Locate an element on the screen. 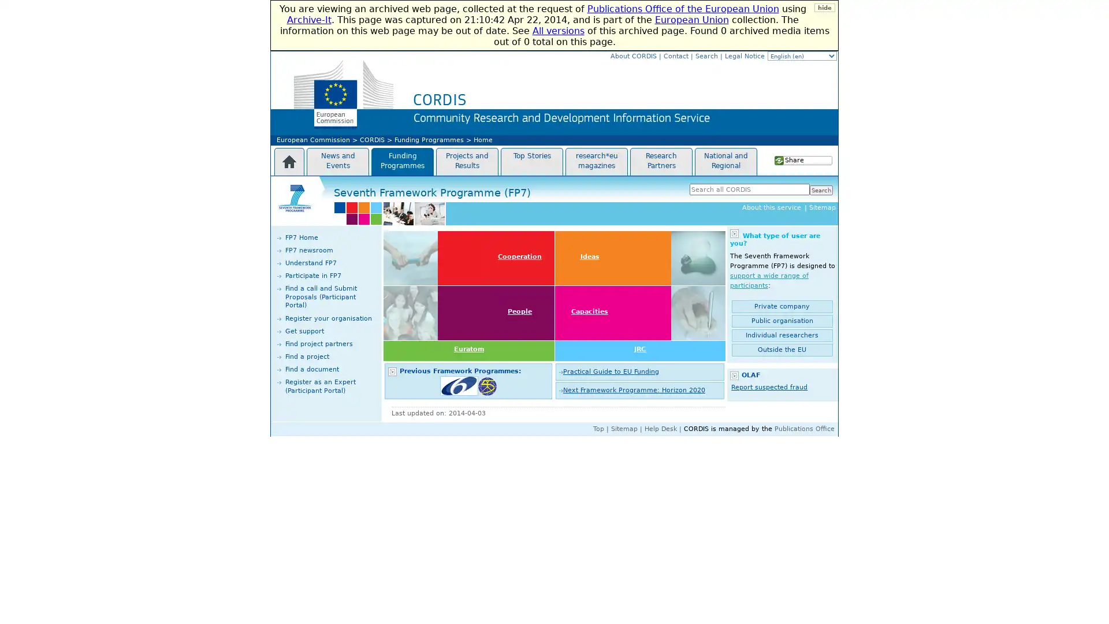 The image size is (1109, 624). Search is located at coordinates (820, 189).